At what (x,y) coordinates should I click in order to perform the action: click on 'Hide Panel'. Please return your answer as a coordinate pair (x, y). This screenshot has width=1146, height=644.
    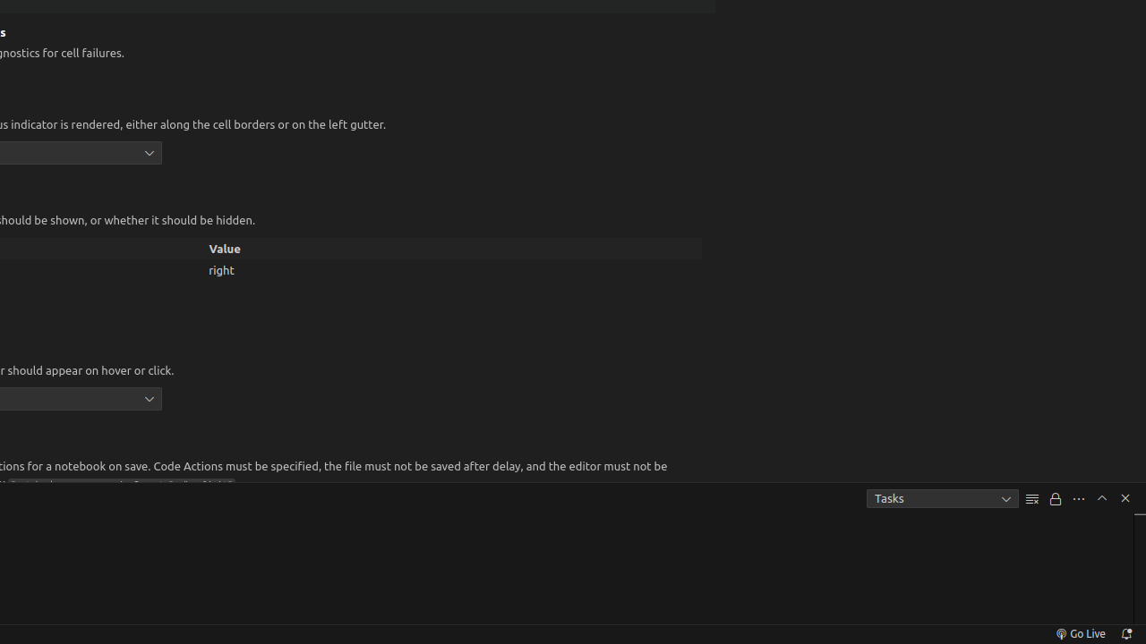
    Looking at the image, I should click on (1124, 497).